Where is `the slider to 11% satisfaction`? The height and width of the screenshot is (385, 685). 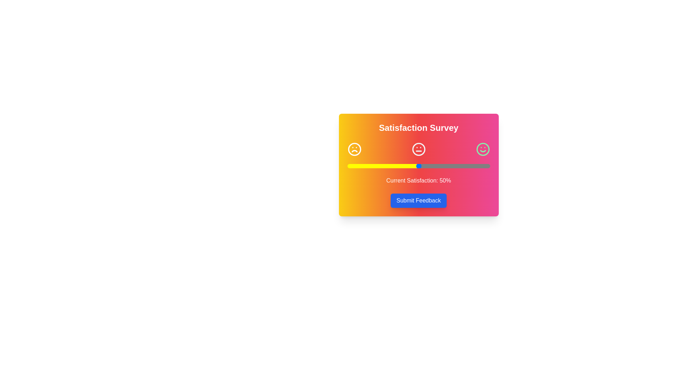
the slider to 11% satisfaction is located at coordinates (363, 166).